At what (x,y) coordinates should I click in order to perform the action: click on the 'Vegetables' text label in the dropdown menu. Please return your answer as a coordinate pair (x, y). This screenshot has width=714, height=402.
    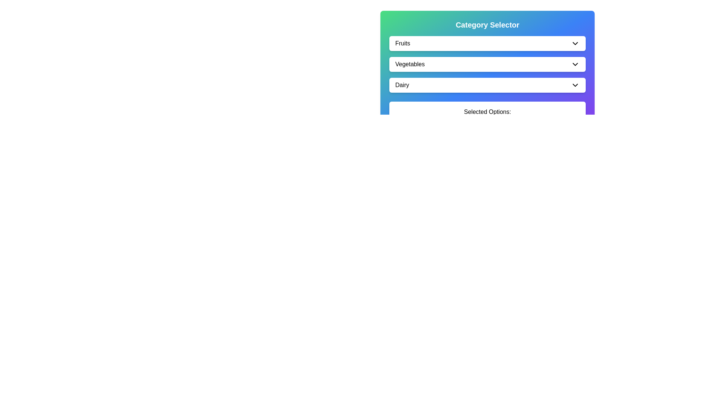
    Looking at the image, I should click on (409, 64).